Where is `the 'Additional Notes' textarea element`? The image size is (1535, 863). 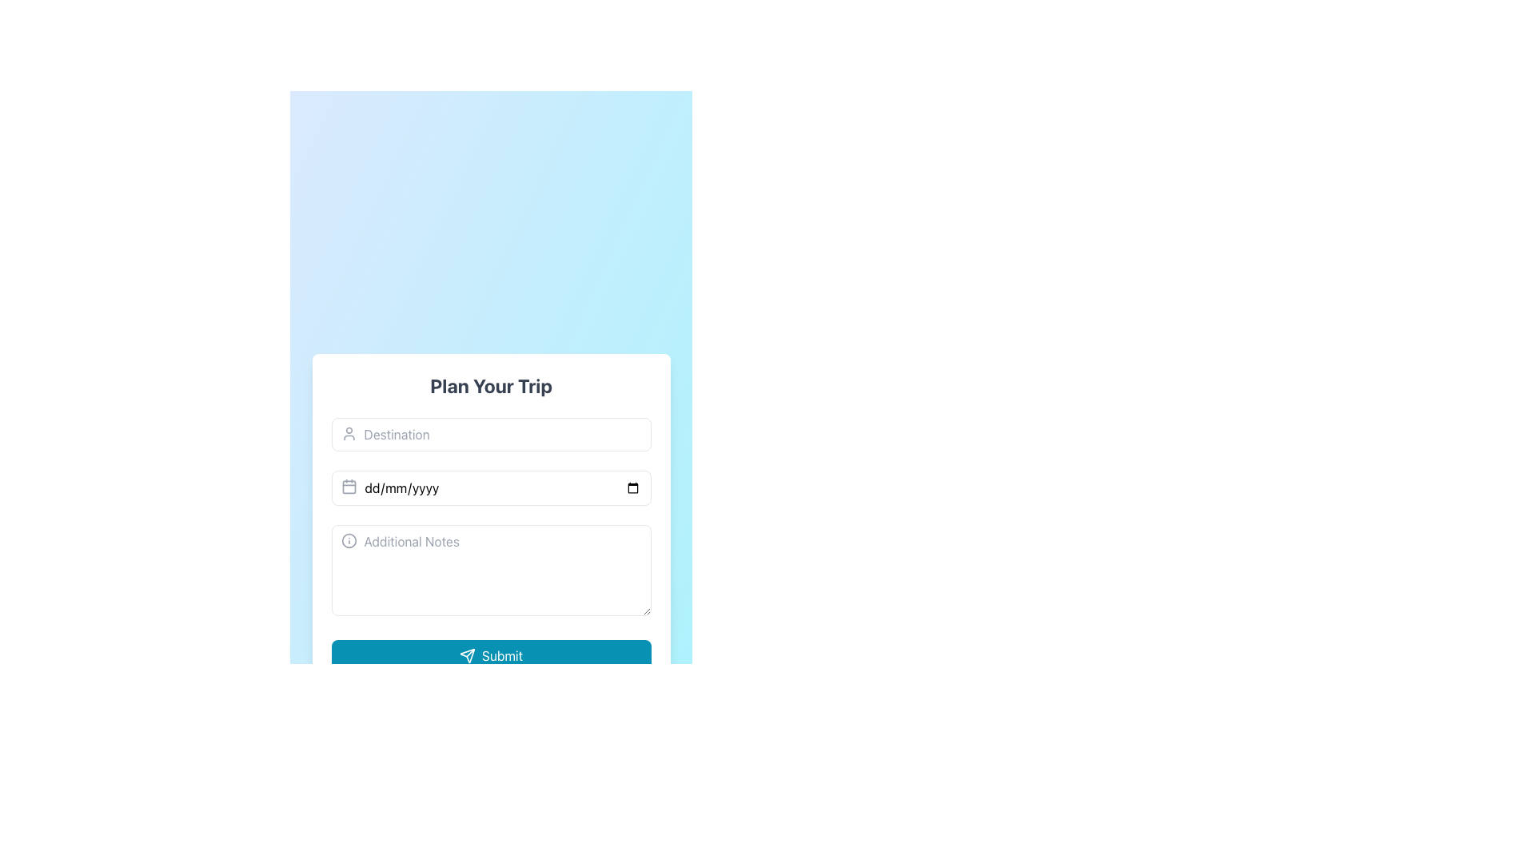 the 'Additional Notes' textarea element is located at coordinates (490, 572).